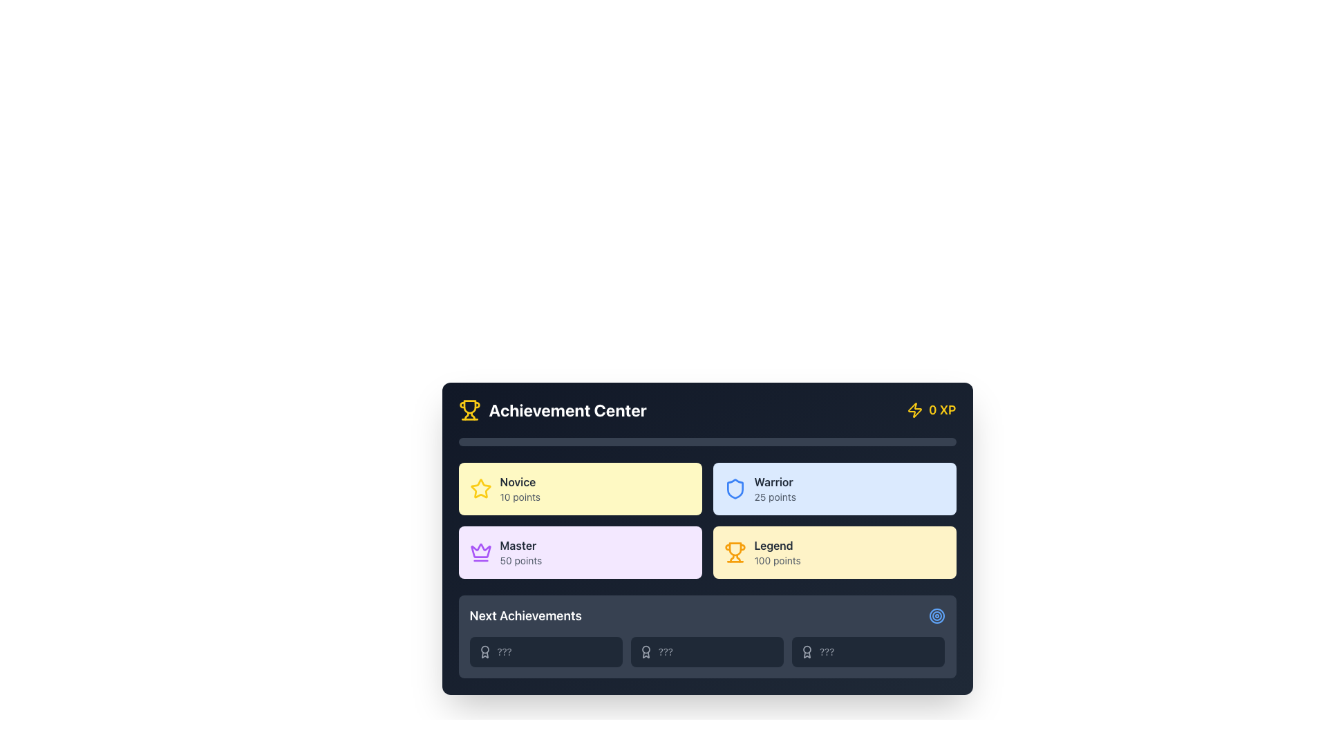  Describe the element at coordinates (469, 410) in the screenshot. I see `the achievement icon located in the top-left corner of the 'Achievement Center' section, which visually represents achievements or awards` at that location.